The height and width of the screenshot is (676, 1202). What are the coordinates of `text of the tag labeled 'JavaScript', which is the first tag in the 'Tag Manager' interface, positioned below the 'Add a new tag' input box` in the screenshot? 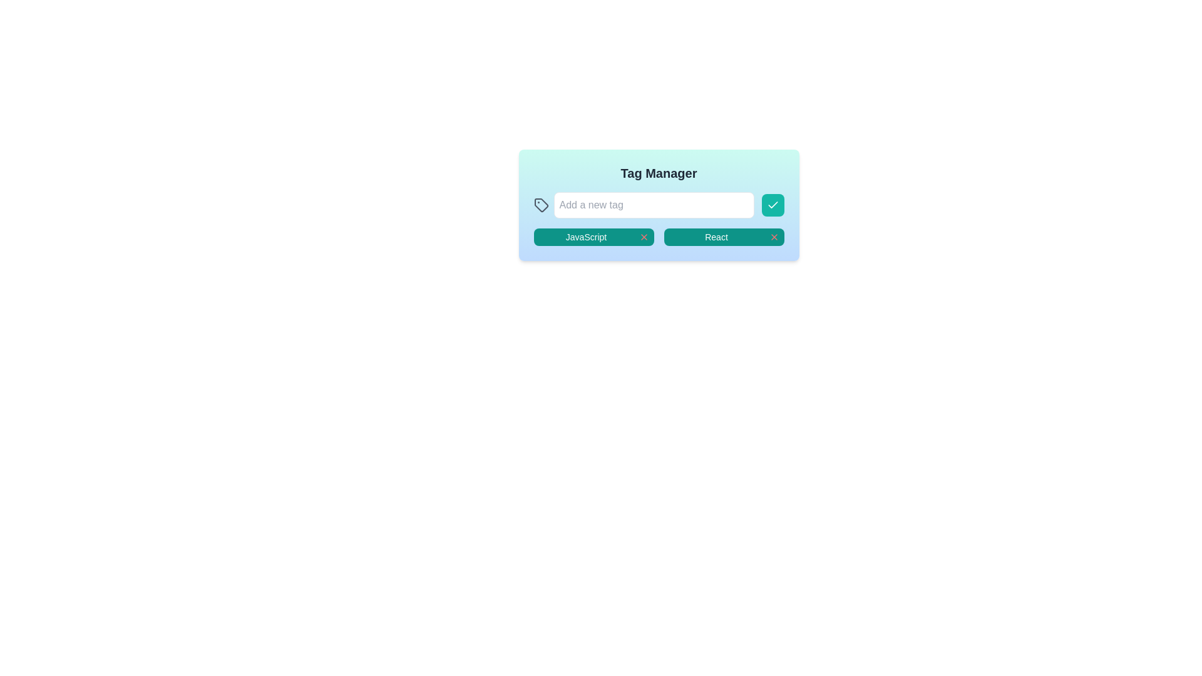 It's located at (585, 237).